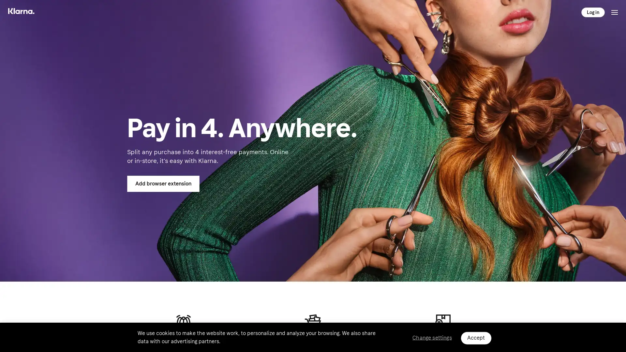  Describe the element at coordinates (593, 12) in the screenshot. I see `Log in` at that location.